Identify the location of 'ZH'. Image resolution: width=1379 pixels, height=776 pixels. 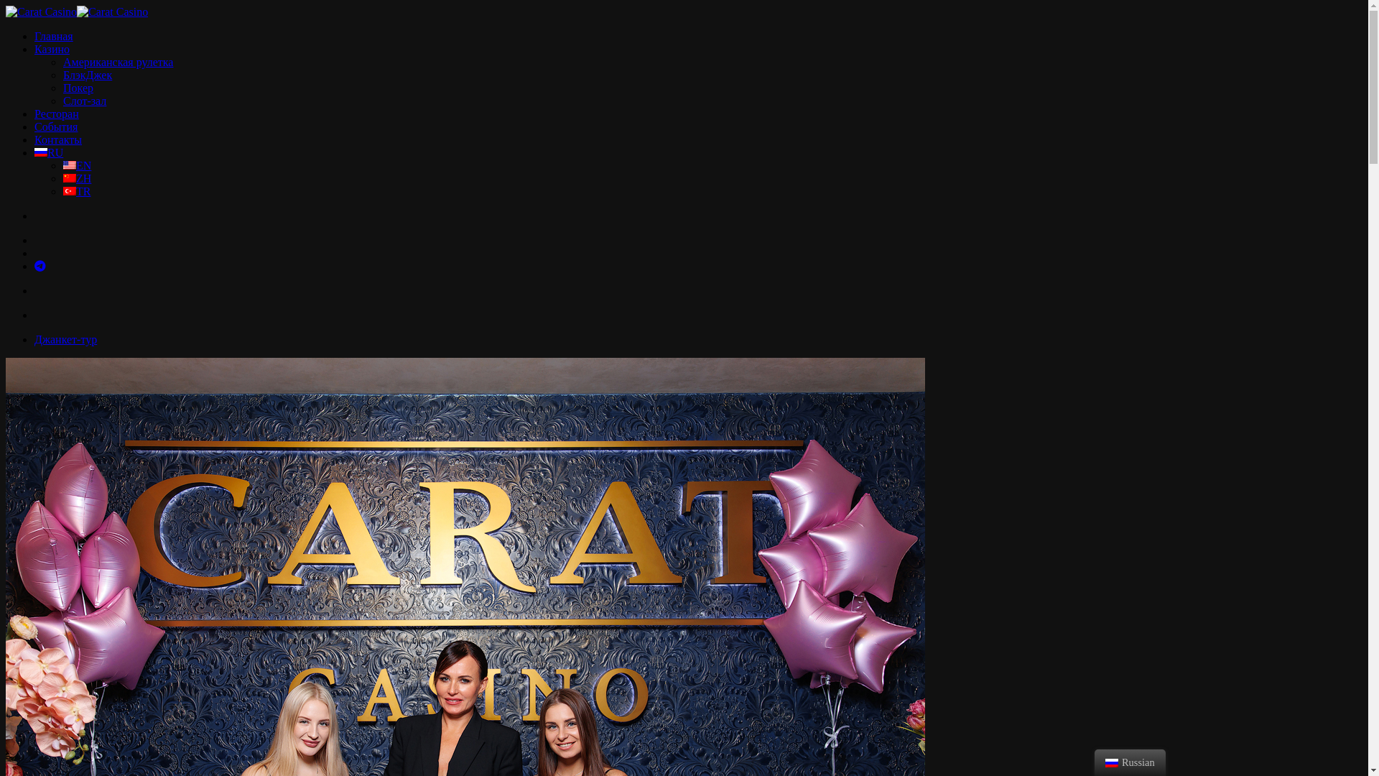
(76, 177).